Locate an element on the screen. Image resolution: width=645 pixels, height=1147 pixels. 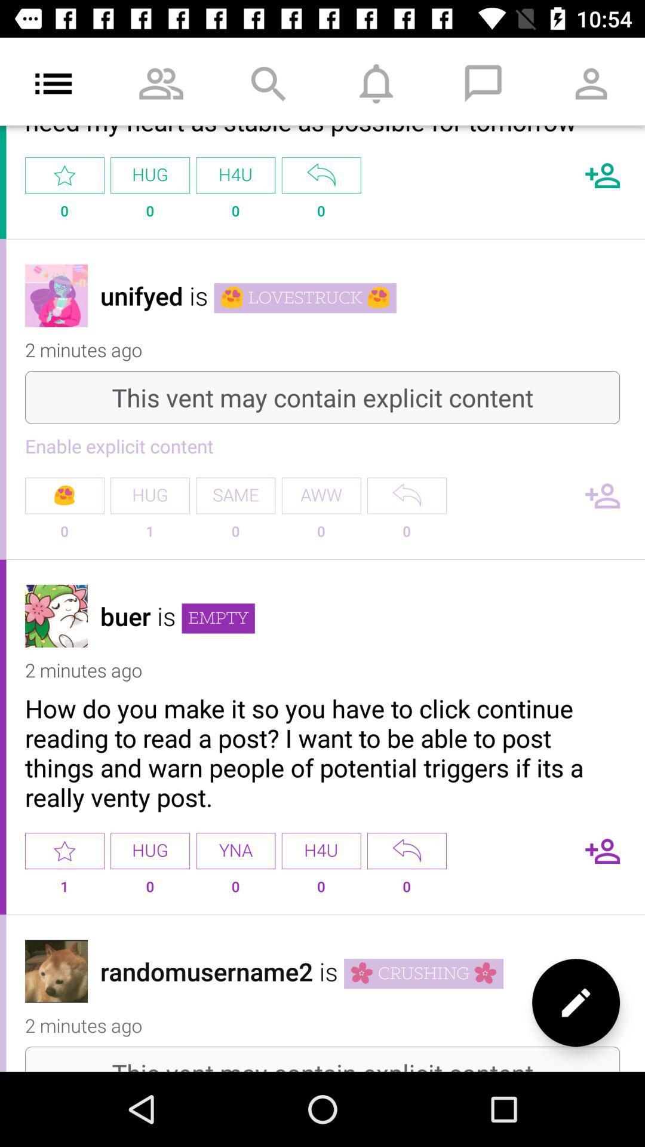
h4u option in the third comment is located at coordinates (321, 850).